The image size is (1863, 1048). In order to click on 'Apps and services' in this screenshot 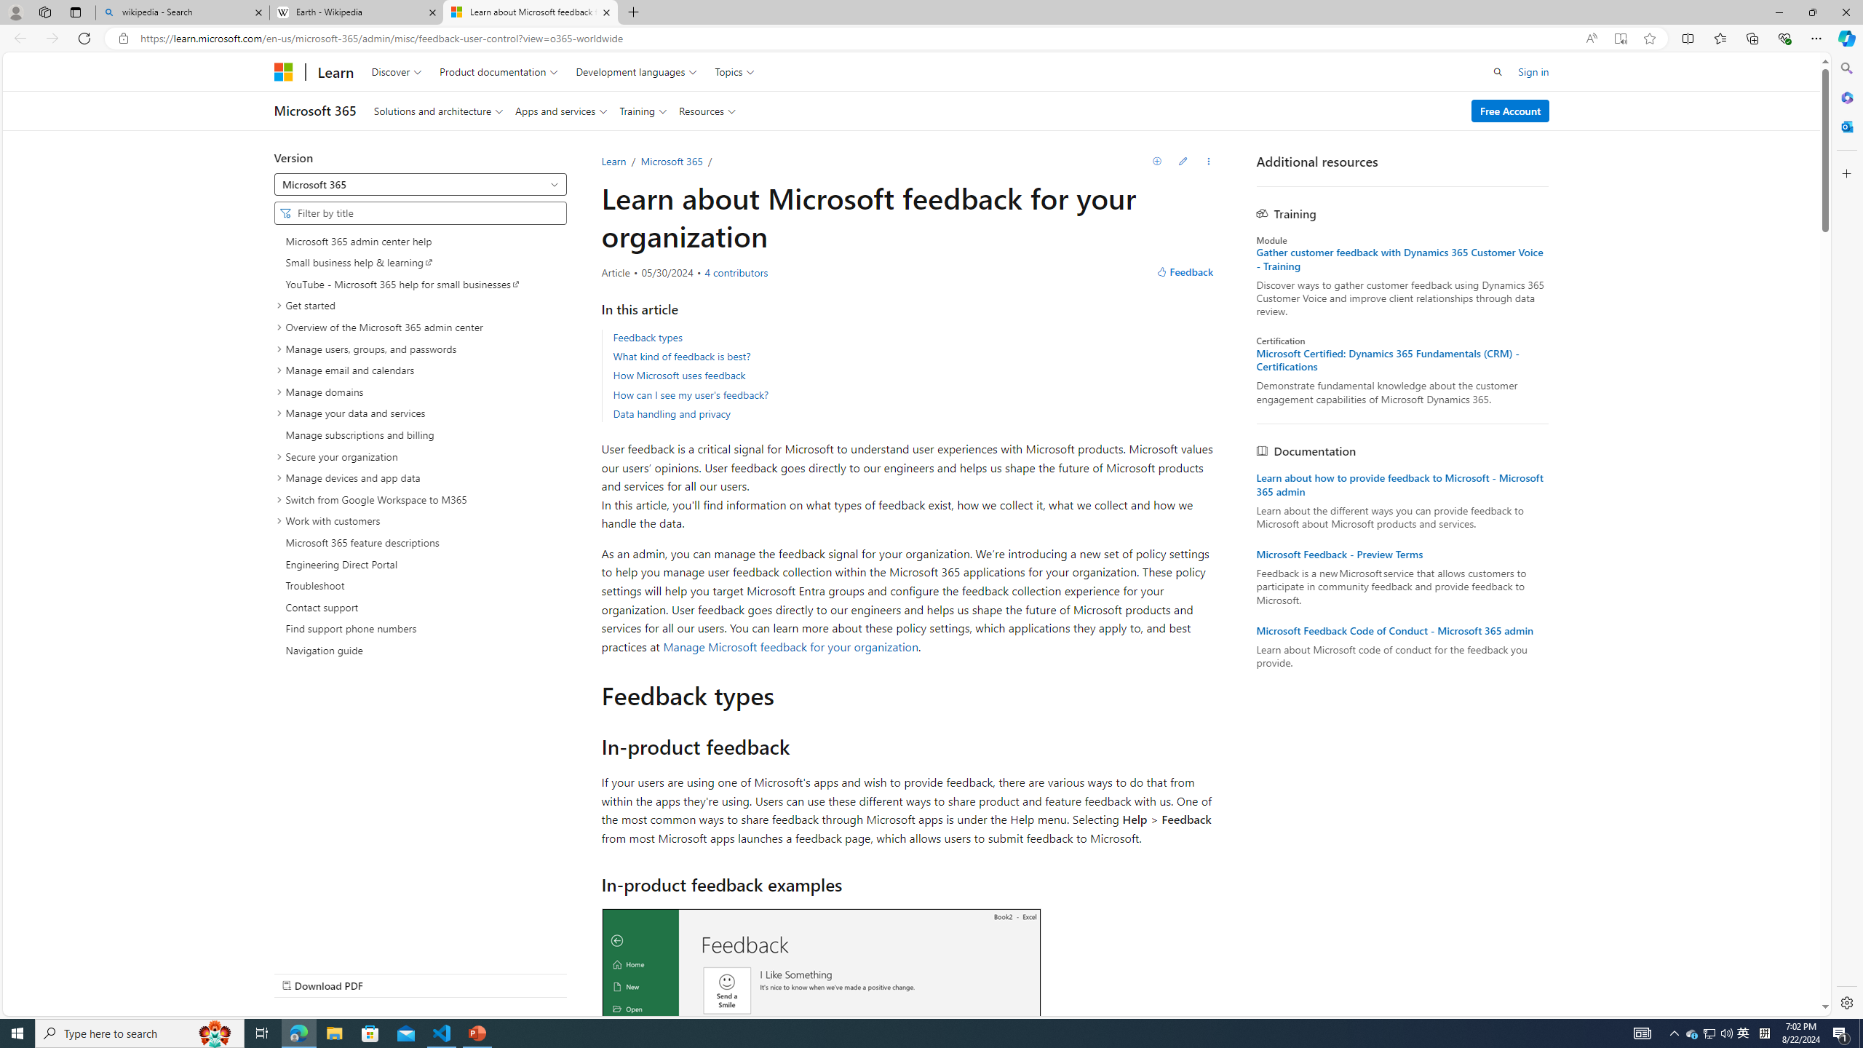, I will do `click(560, 111)`.